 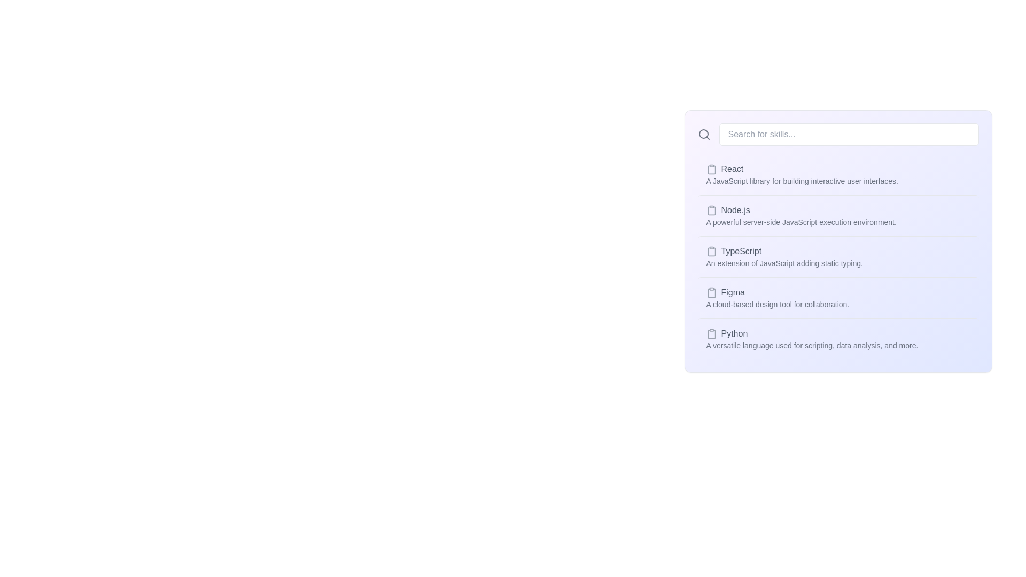 What do you see at coordinates (812, 346) in the screenshot?
I see `the Text Label providing additional information about the 'Python' item, located below the title 'Python' in the vertical list` at bounding box center [812, 346].